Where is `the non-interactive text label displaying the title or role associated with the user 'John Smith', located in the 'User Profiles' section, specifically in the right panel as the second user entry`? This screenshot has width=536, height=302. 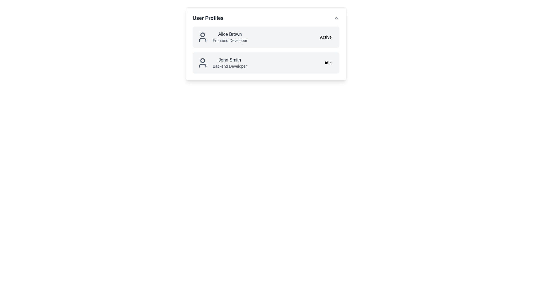
the non-interactive text label displaying the title or role associated with the user 'John Smith', located in the 'User Profiles' section, specifically in the right panel as the second user entry is located at coordinates (230, 66).